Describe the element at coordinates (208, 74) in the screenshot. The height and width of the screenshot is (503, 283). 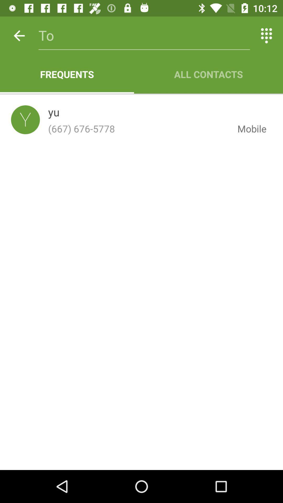
I see `the icon to the right of the frequents item` at that location.